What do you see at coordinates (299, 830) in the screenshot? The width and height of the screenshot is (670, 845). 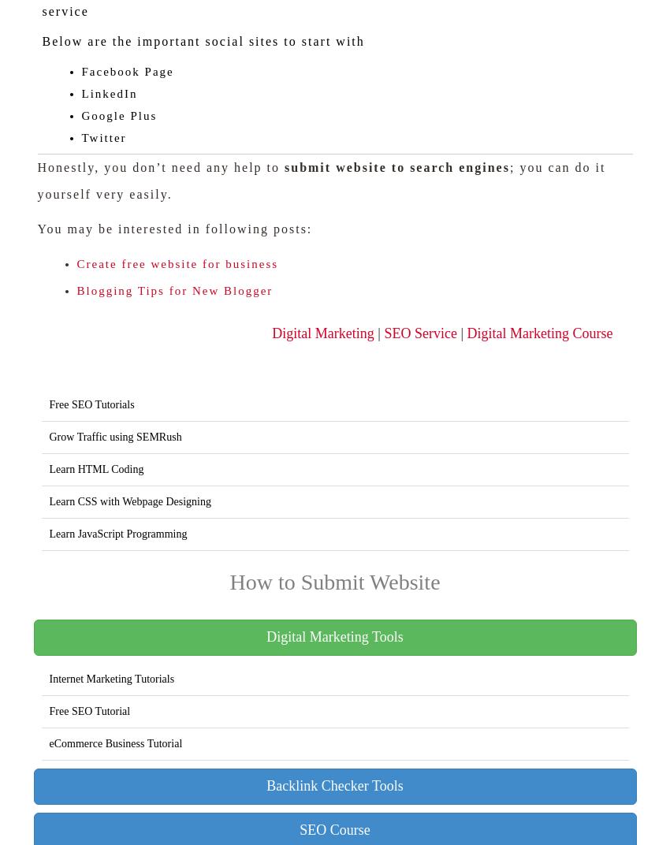 I see `'SEO Course'` at bounding box center [299, 830].